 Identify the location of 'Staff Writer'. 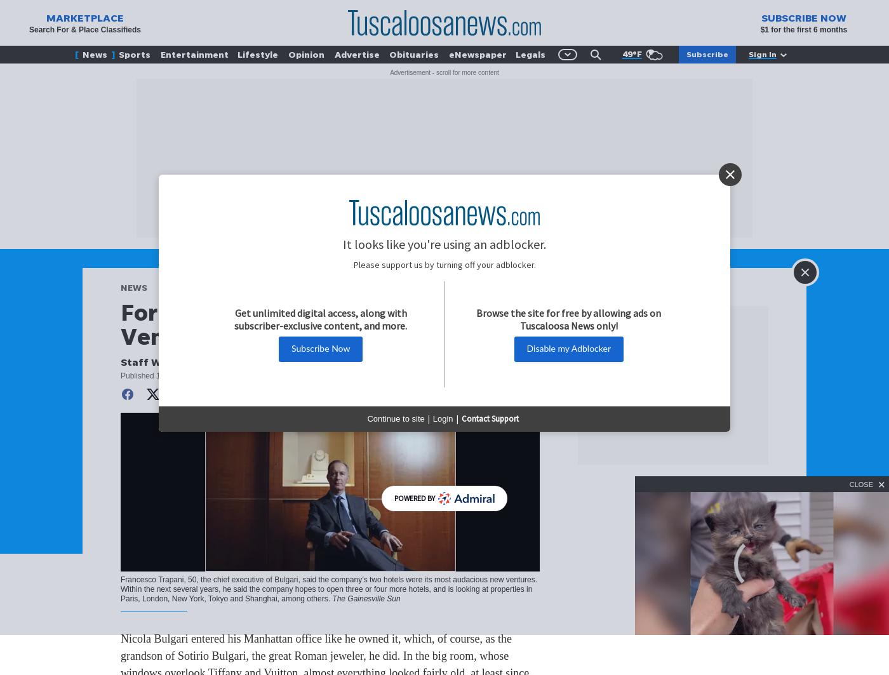
(152, 361).